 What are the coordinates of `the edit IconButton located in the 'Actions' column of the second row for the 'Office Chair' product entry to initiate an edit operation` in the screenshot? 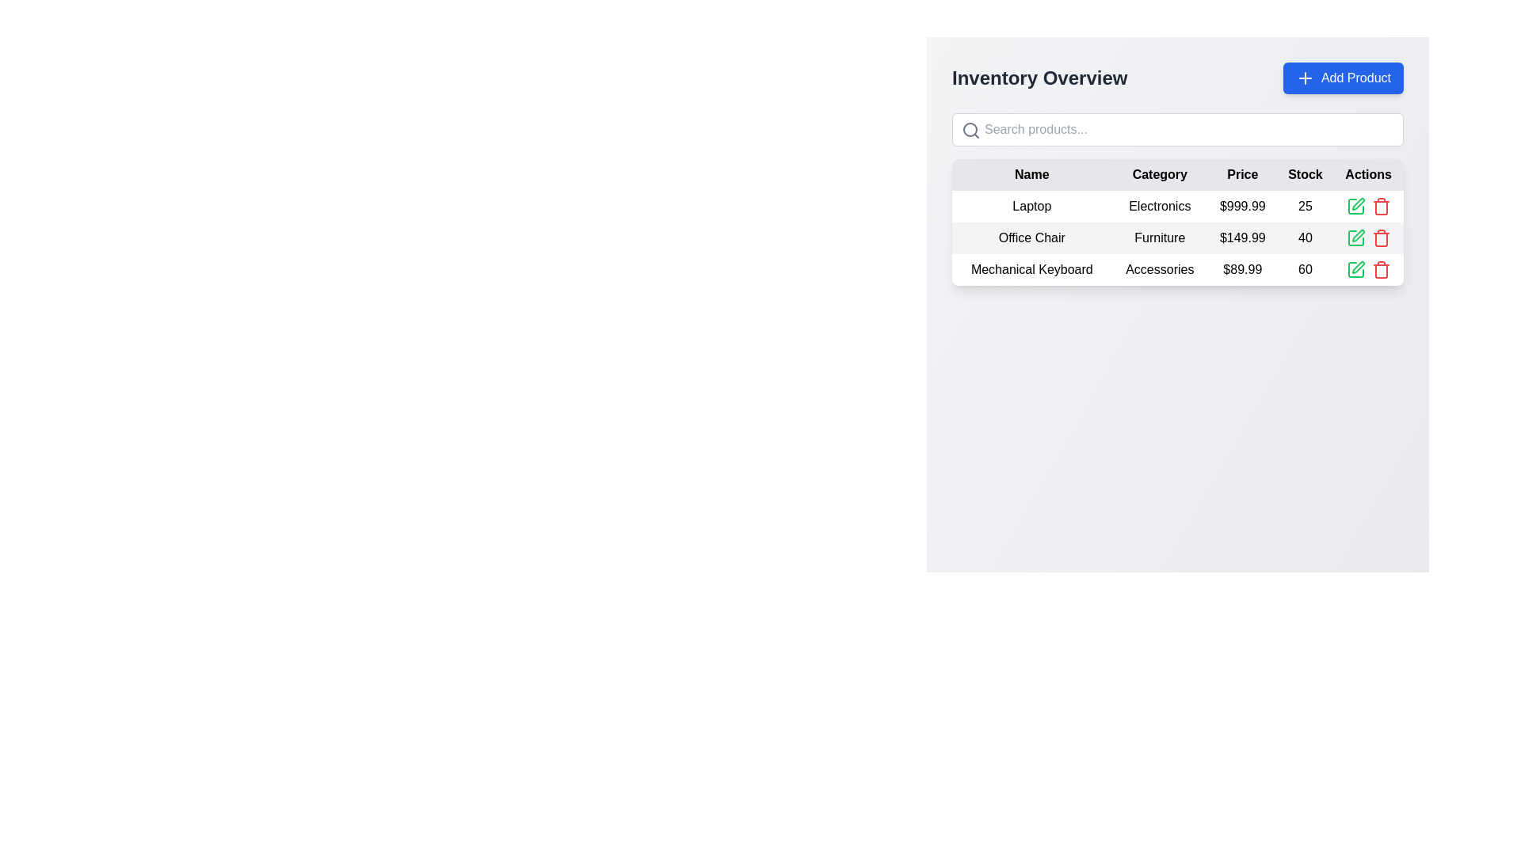 It's located at (1355, 237).